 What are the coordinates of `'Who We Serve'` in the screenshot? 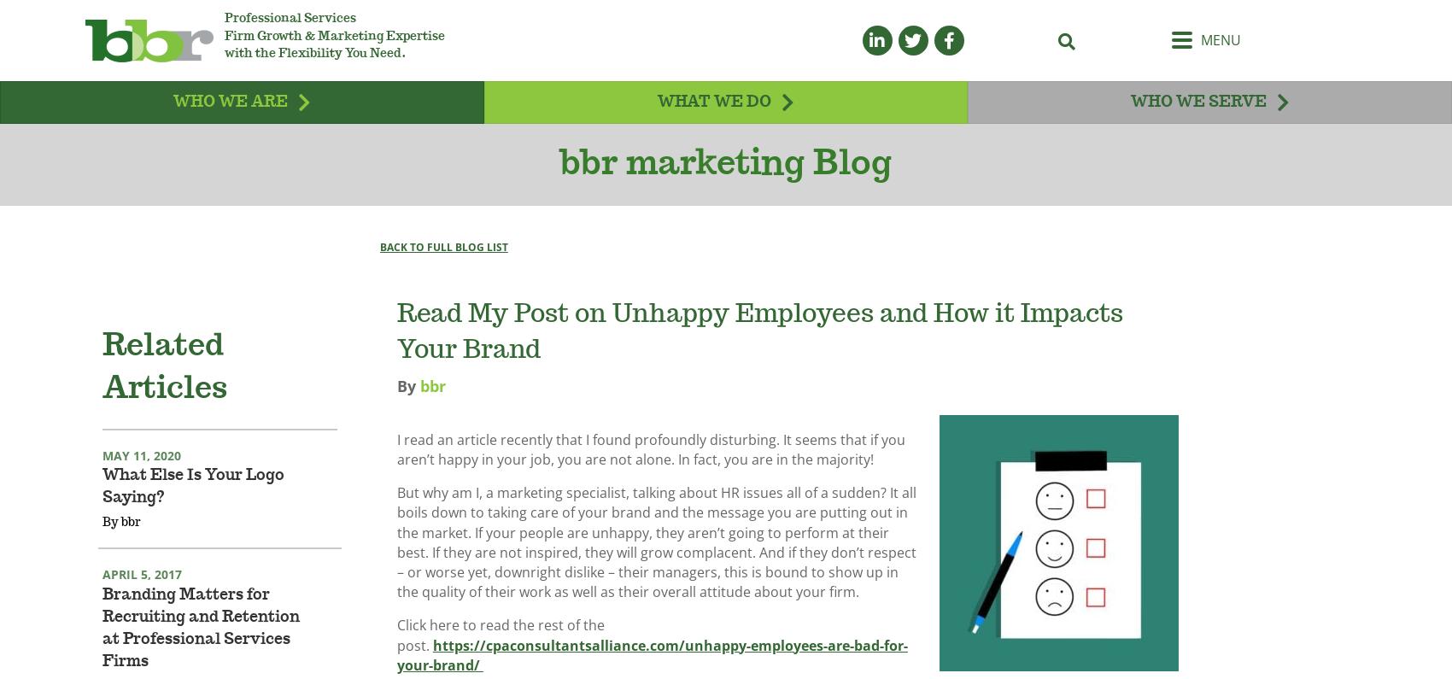 It's located at (1197, 123).